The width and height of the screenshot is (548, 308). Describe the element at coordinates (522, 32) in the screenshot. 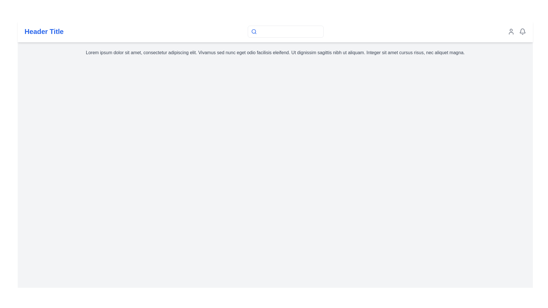

I see `the notification bell icon in the header section to change its color` at that location.